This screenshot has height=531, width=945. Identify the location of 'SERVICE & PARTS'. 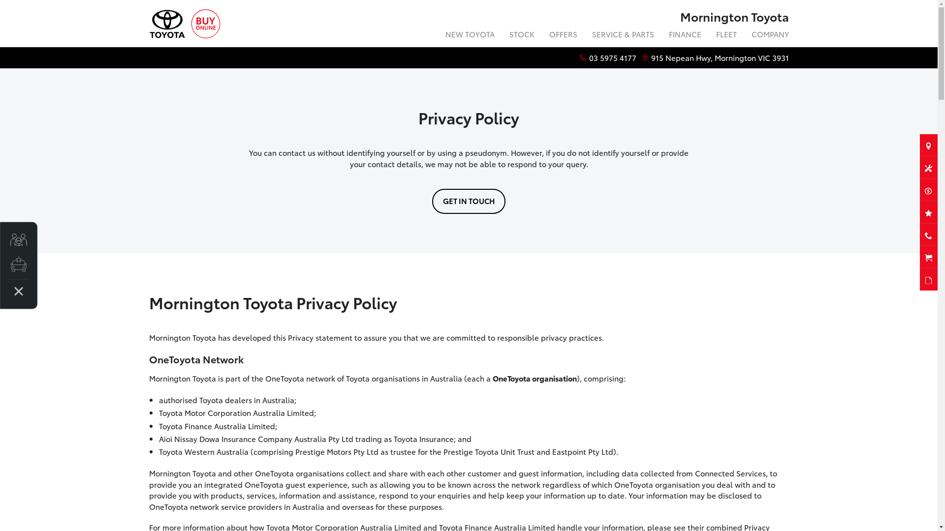
(623, 35).